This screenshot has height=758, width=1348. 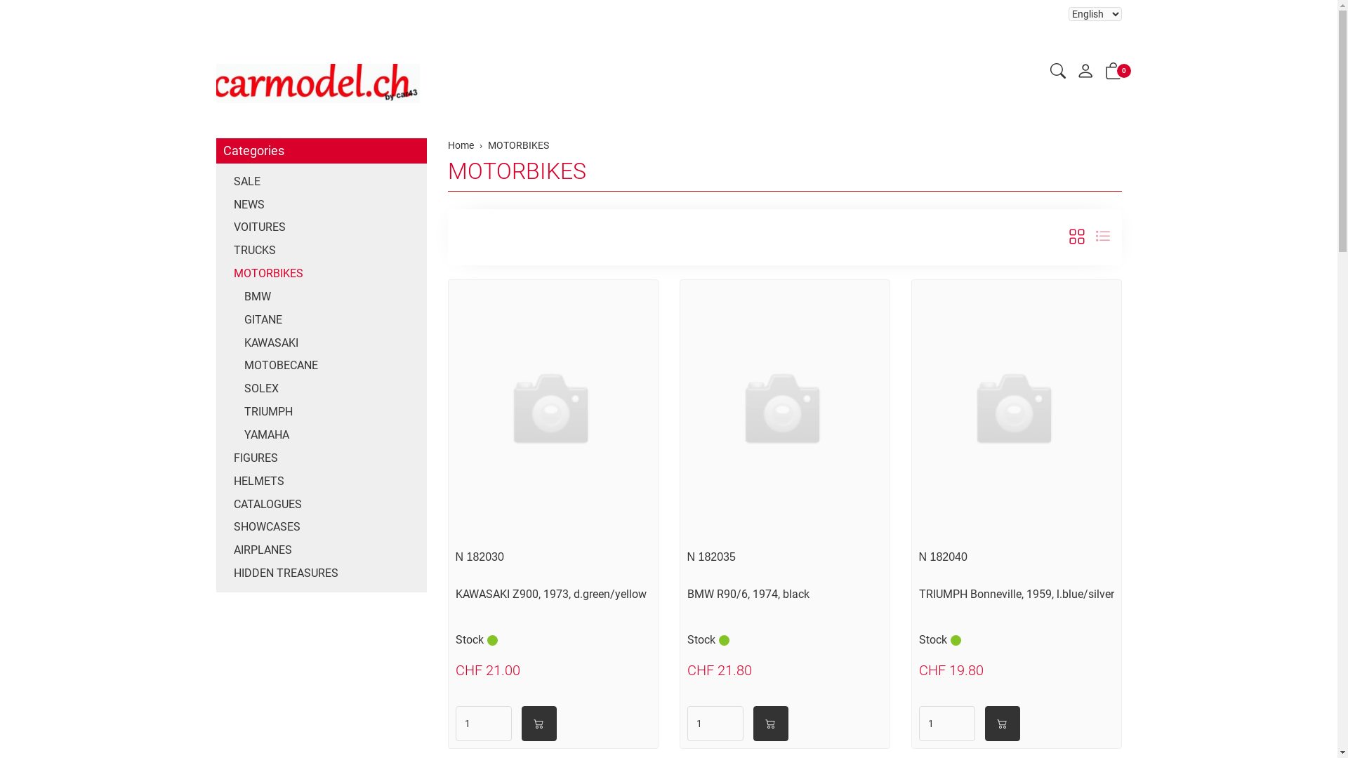 What do you see at coordinates (222, 250) in the screenshot?
I see `'TRUCKS'` at bounding box center [222, 250].